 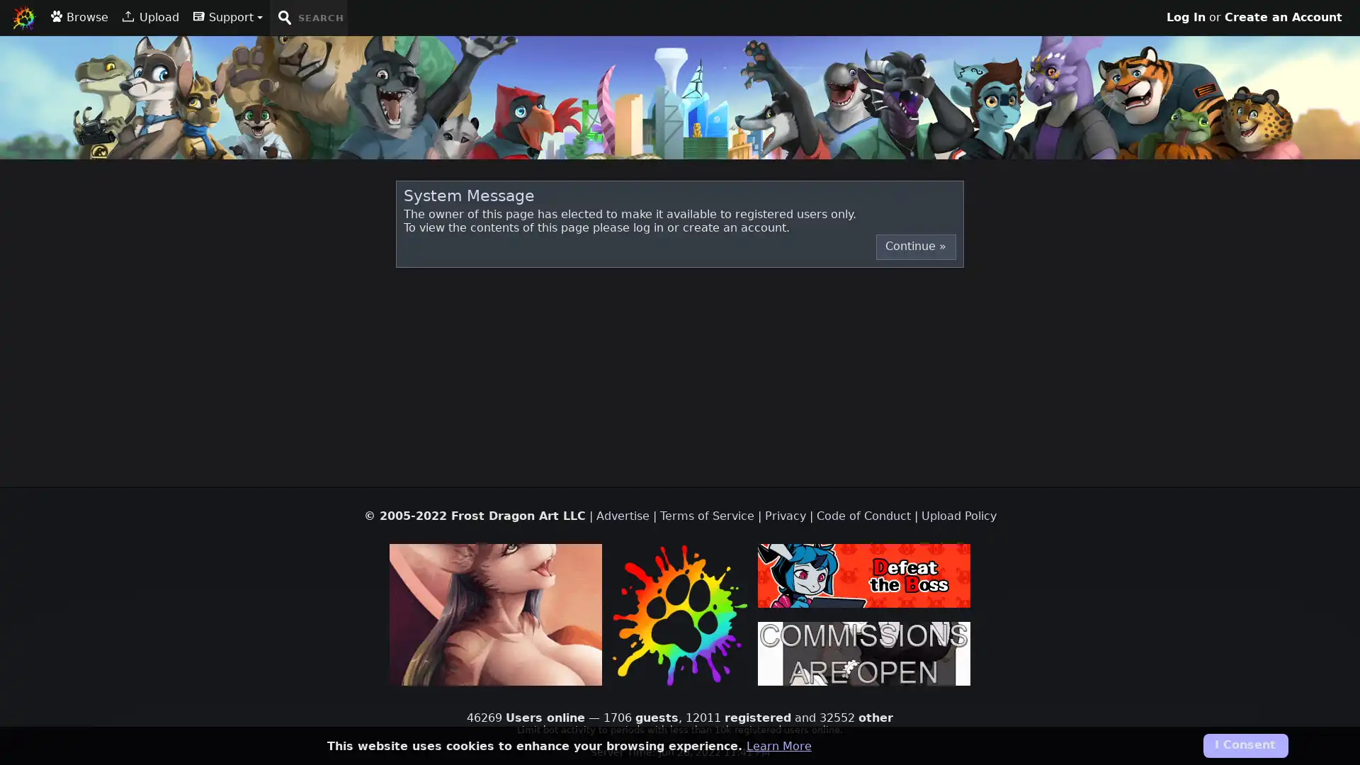 I want to click on I Consent, so click(x=1244, y=745).